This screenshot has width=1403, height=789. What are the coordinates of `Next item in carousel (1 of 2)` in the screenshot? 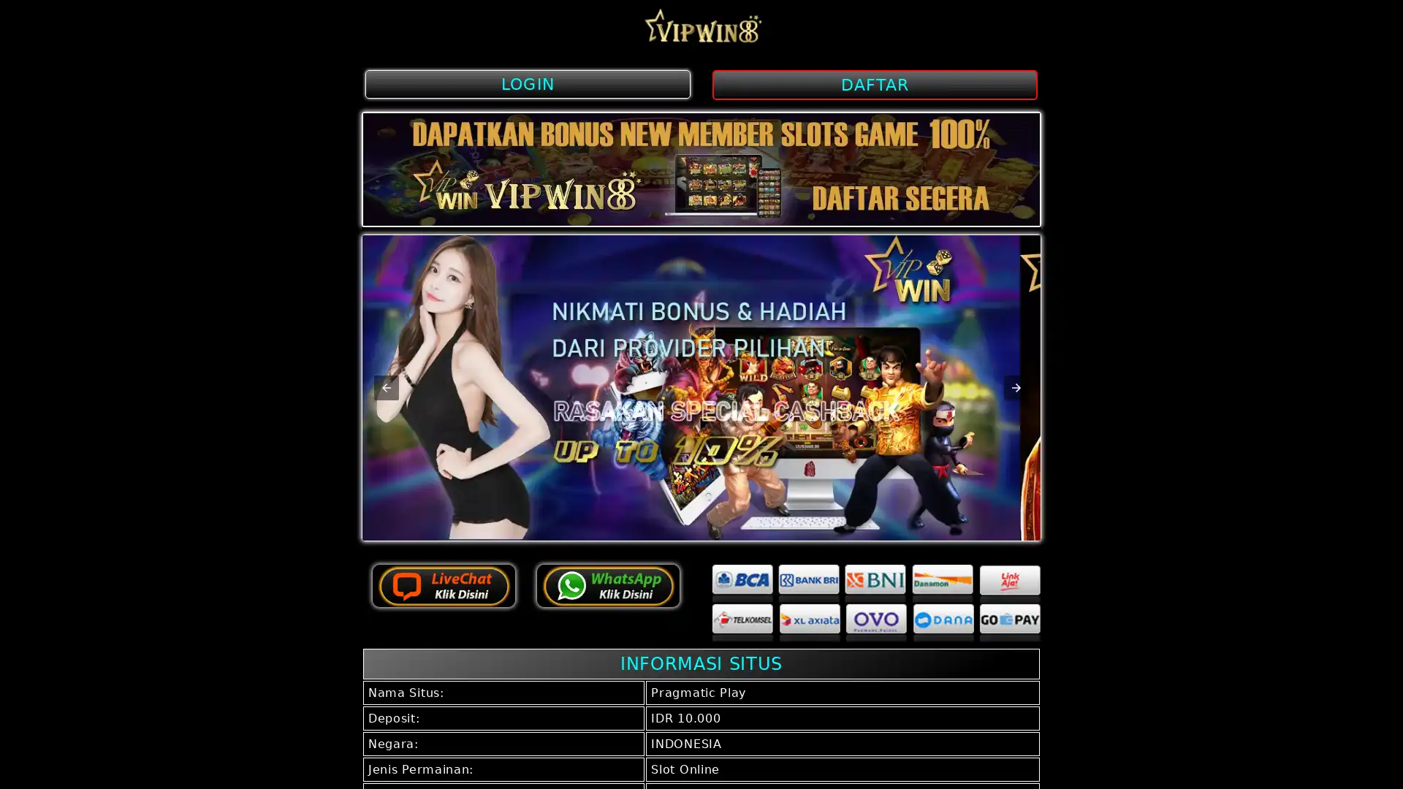 It's located at (1016, 387).